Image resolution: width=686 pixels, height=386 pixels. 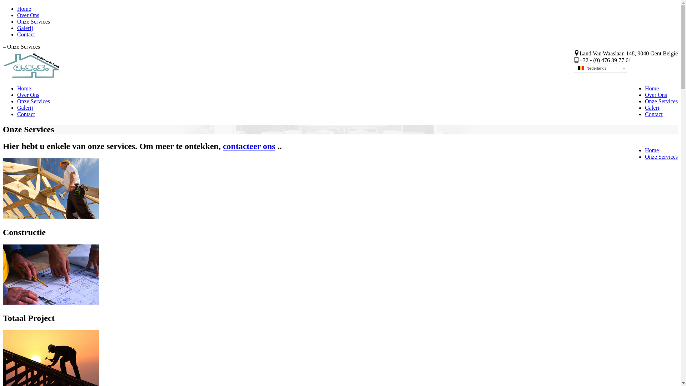 I want to click on 'Over Ons', so click(x=28, y=15).